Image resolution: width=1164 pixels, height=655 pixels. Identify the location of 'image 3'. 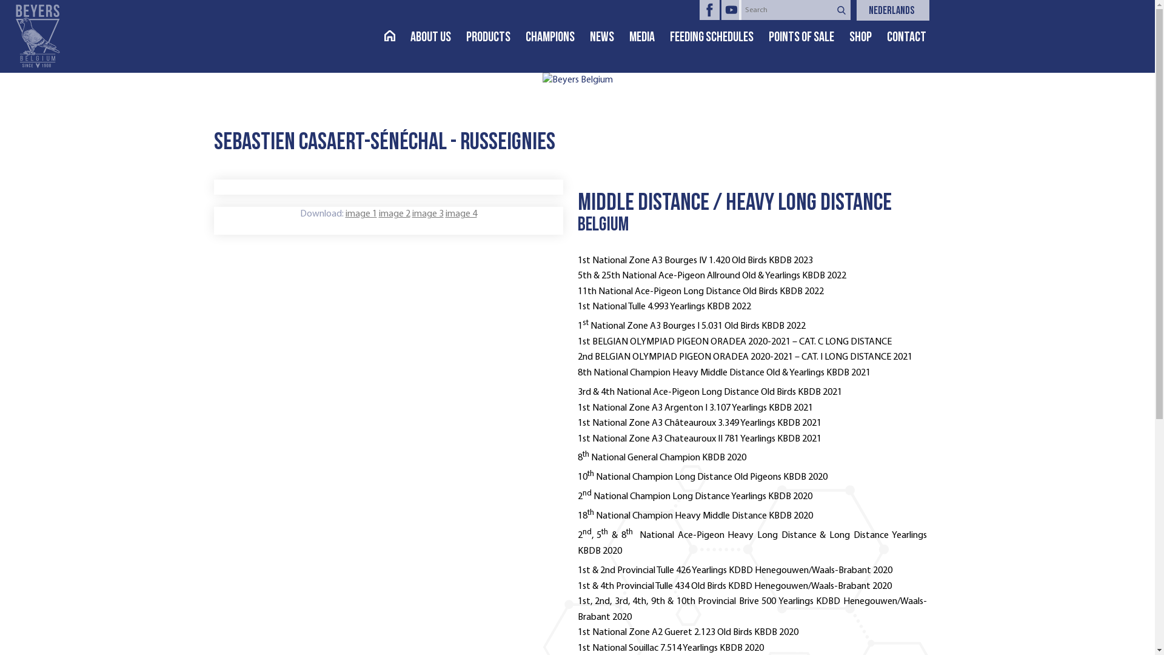
(427, 213).